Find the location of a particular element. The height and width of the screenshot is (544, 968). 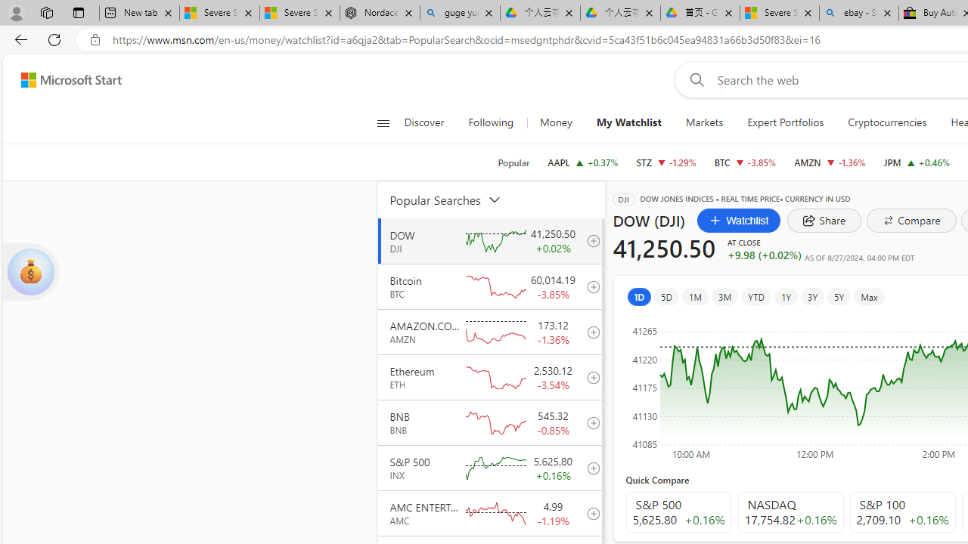

'Expert Portfolios' is located at coordinates (786, 122).